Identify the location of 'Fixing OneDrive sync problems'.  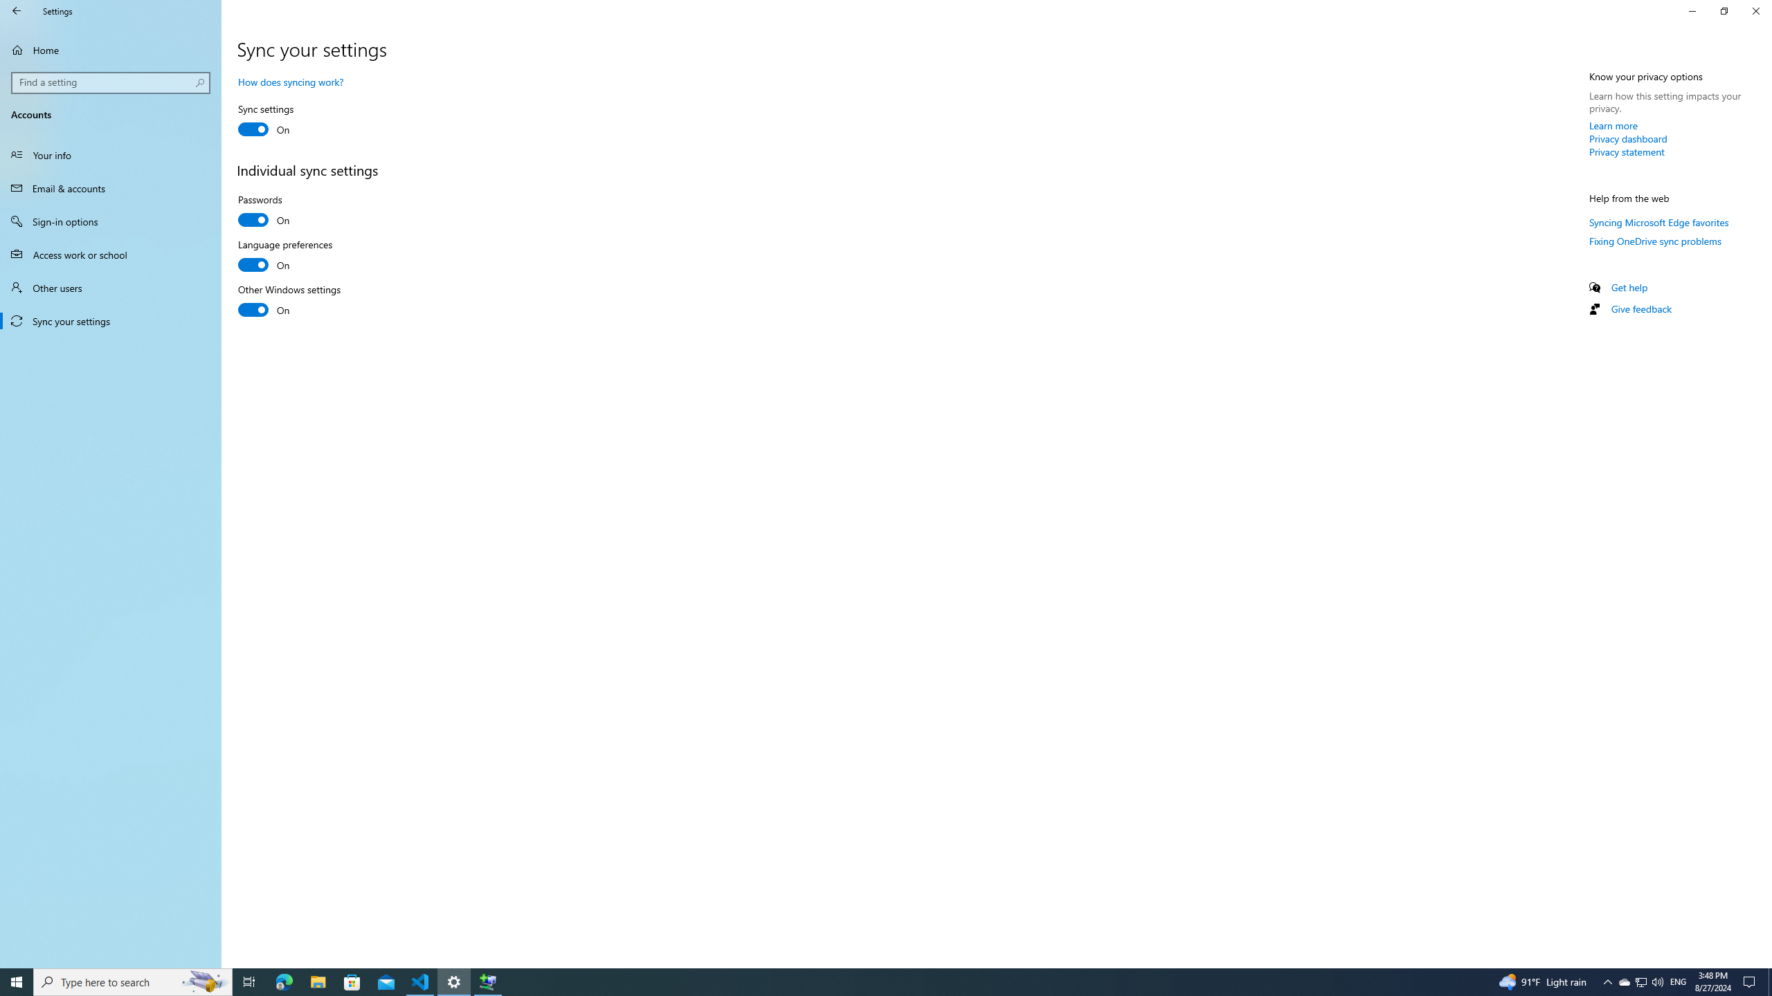
(1654, 241).